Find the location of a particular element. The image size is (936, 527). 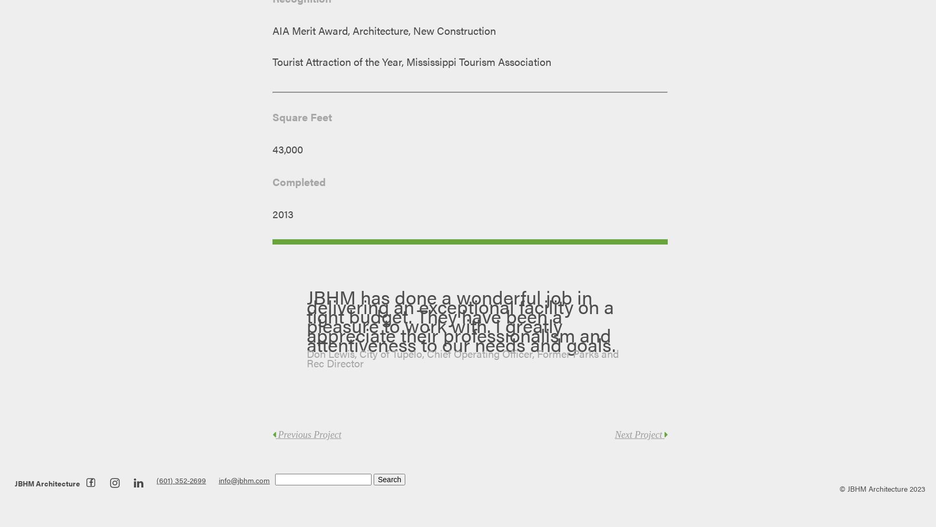

'Architecture' is located at coordinates (34, 483).